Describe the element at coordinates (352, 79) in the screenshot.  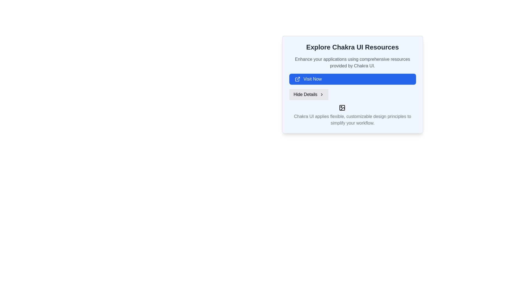
I see `the call-to-action button for visiting a specified website located in the 'Explore Chakra UI Resources' section to change its background color` at that location.